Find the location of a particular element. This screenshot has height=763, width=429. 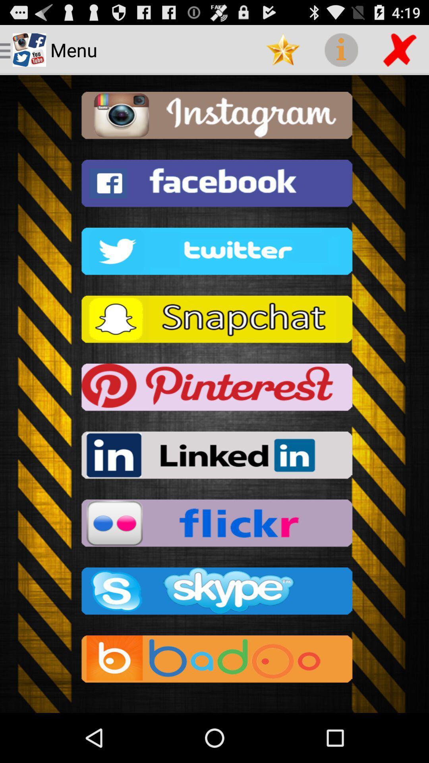

open twitter is located at coordinates (214, 253).